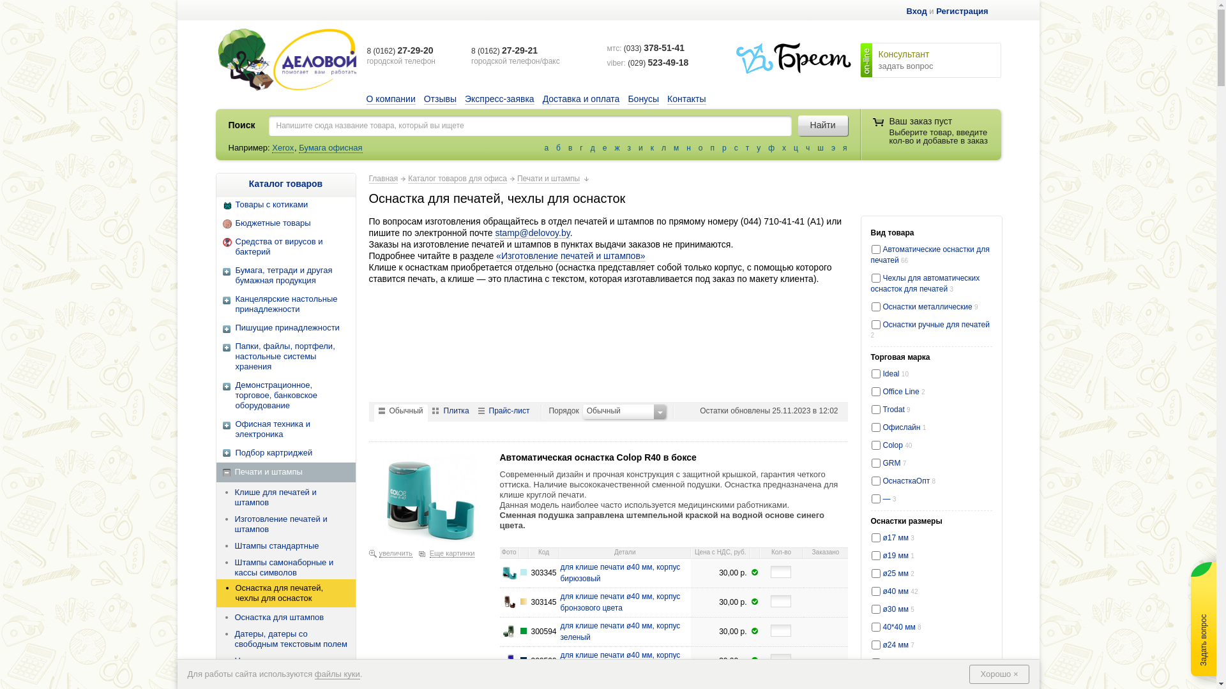 This screenshot has width=1226, height=689. Describe the element at coordinates (366, 49) in the screenshot. I see `'8 (0162) 27-29-20'` at that location.